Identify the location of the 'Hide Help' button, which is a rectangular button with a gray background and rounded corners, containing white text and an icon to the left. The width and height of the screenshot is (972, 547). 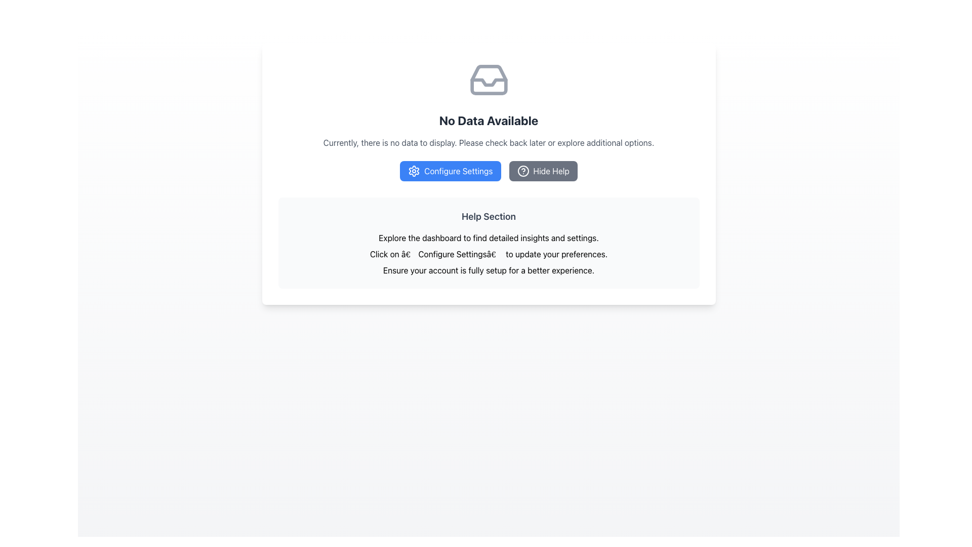
(543, 171).